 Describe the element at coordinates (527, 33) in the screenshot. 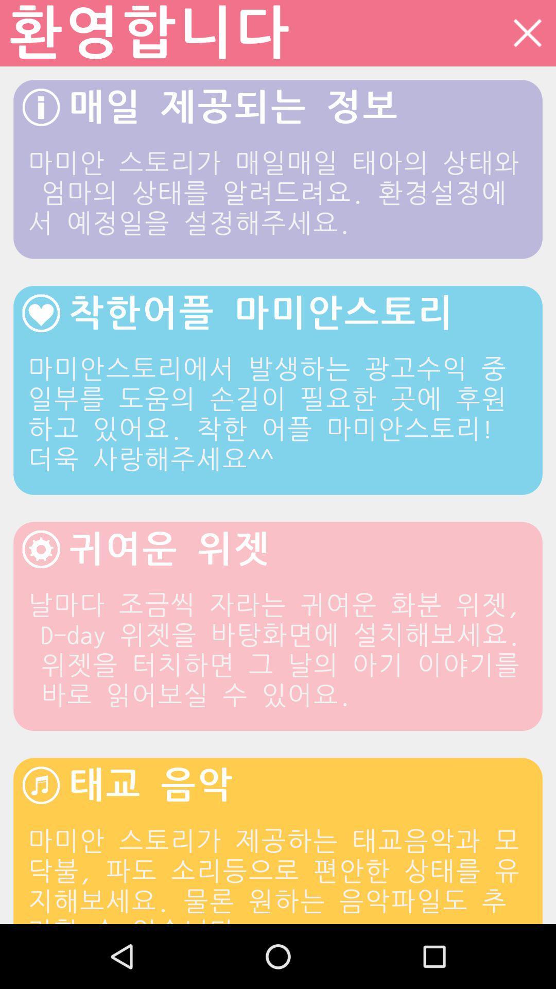

I see `icon at the top right corner` at that location.